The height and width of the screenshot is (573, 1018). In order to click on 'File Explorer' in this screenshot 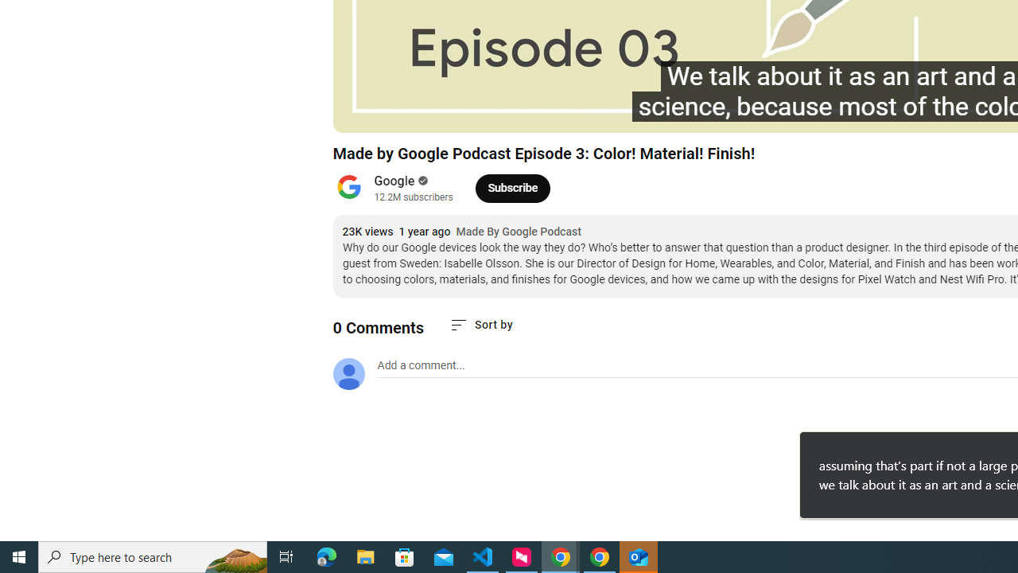, I will do `click(365, 555)`.